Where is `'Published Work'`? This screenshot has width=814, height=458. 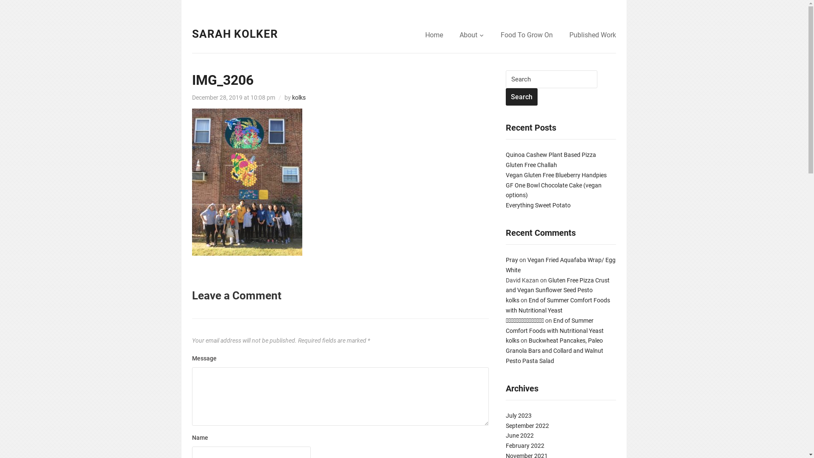
'Published Work' is located at coordinates (591, 35).